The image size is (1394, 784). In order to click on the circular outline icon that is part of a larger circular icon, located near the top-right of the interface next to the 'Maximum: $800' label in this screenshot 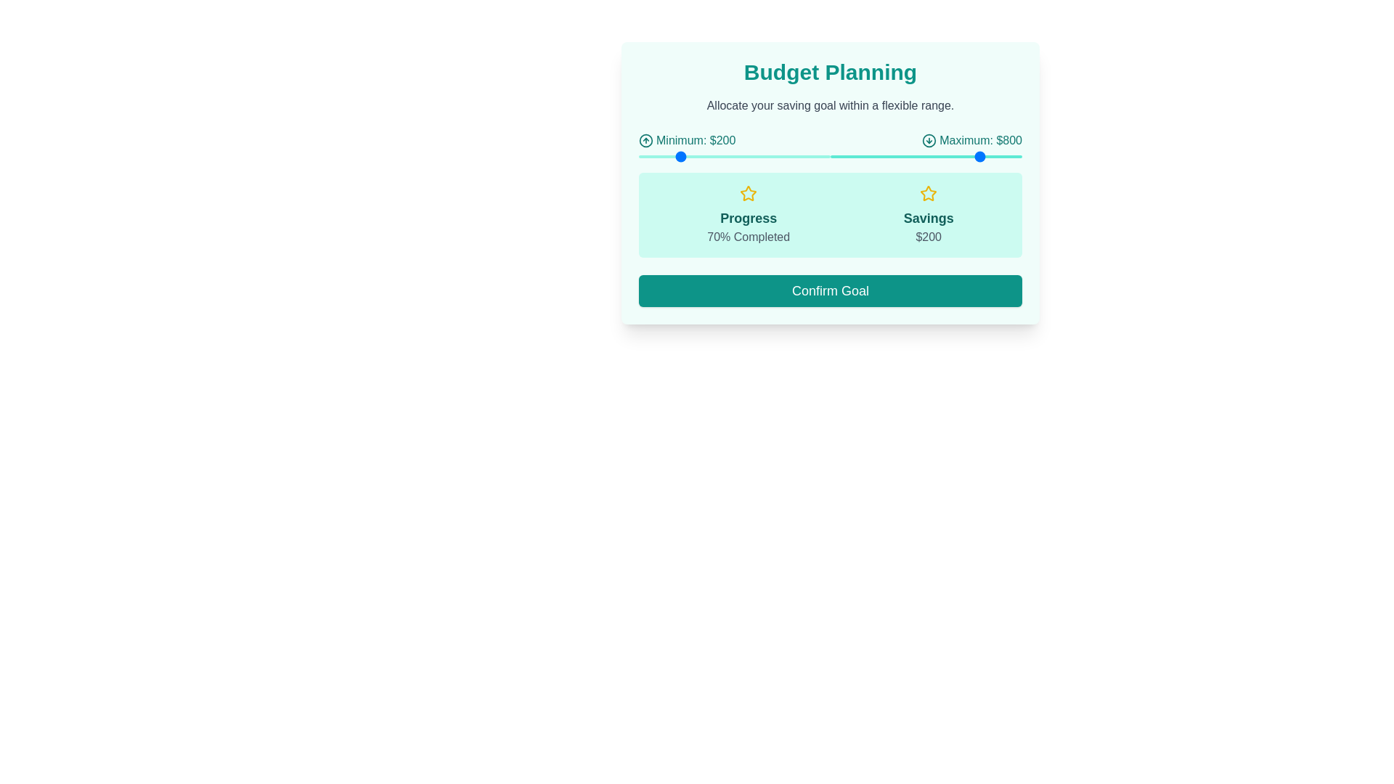, I will do `click(929, 140)`.